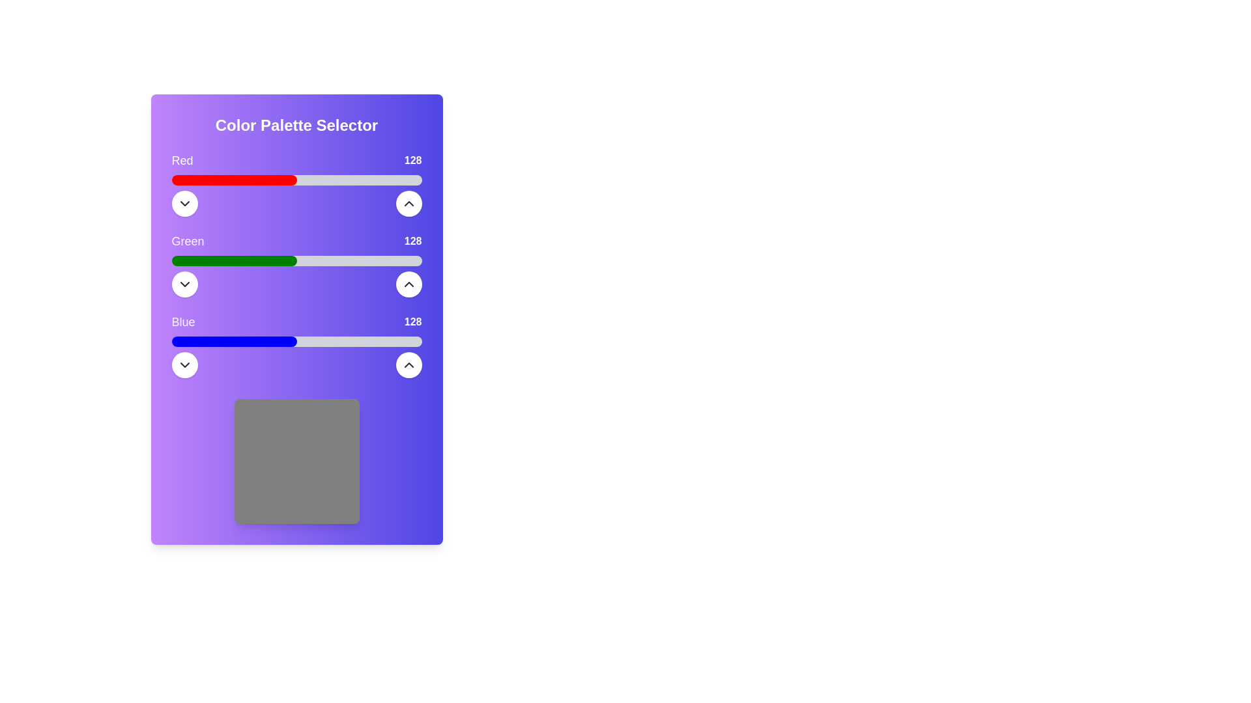 The height and width of the screenshot is (703, 1251). Describe the element at coordinates (296, 159) in the screenshot. I see `the Static text component labeled 'Red' that displays the current value '128' for the Red color channel` at that location.